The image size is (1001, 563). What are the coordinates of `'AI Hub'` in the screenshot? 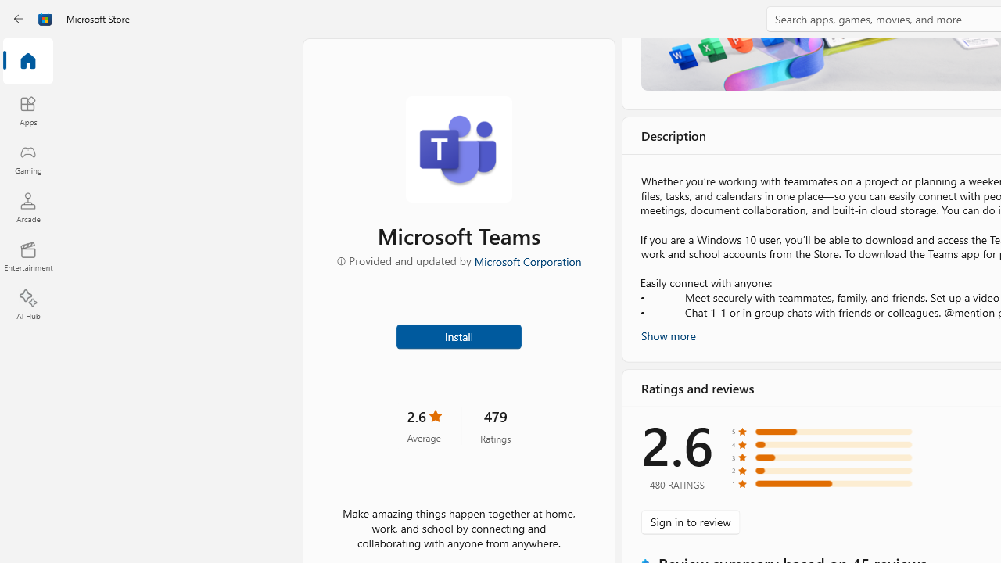 It's located at (27, 305).